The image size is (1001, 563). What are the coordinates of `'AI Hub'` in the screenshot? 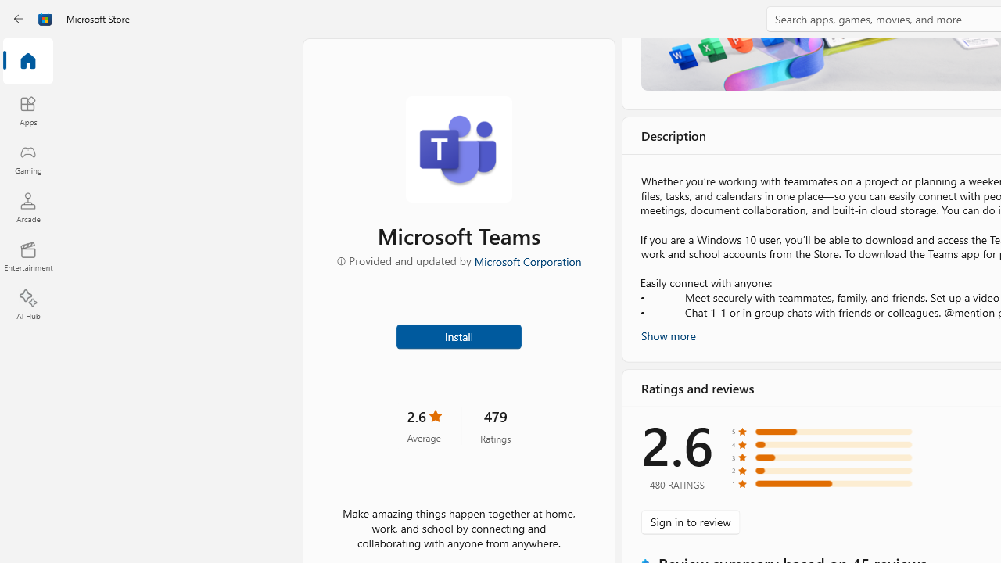 It's located at (27, 305).